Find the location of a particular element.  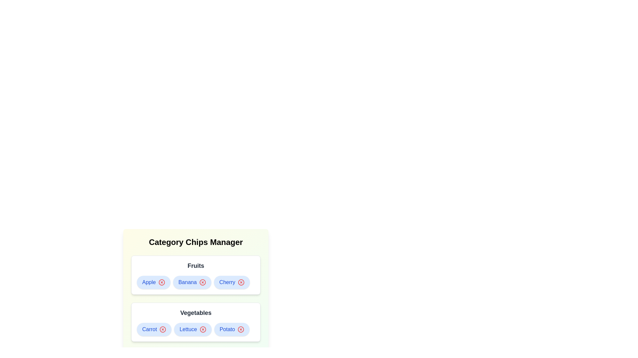

remove button for the chip labeled Potato is located at coordinates (241, 329).